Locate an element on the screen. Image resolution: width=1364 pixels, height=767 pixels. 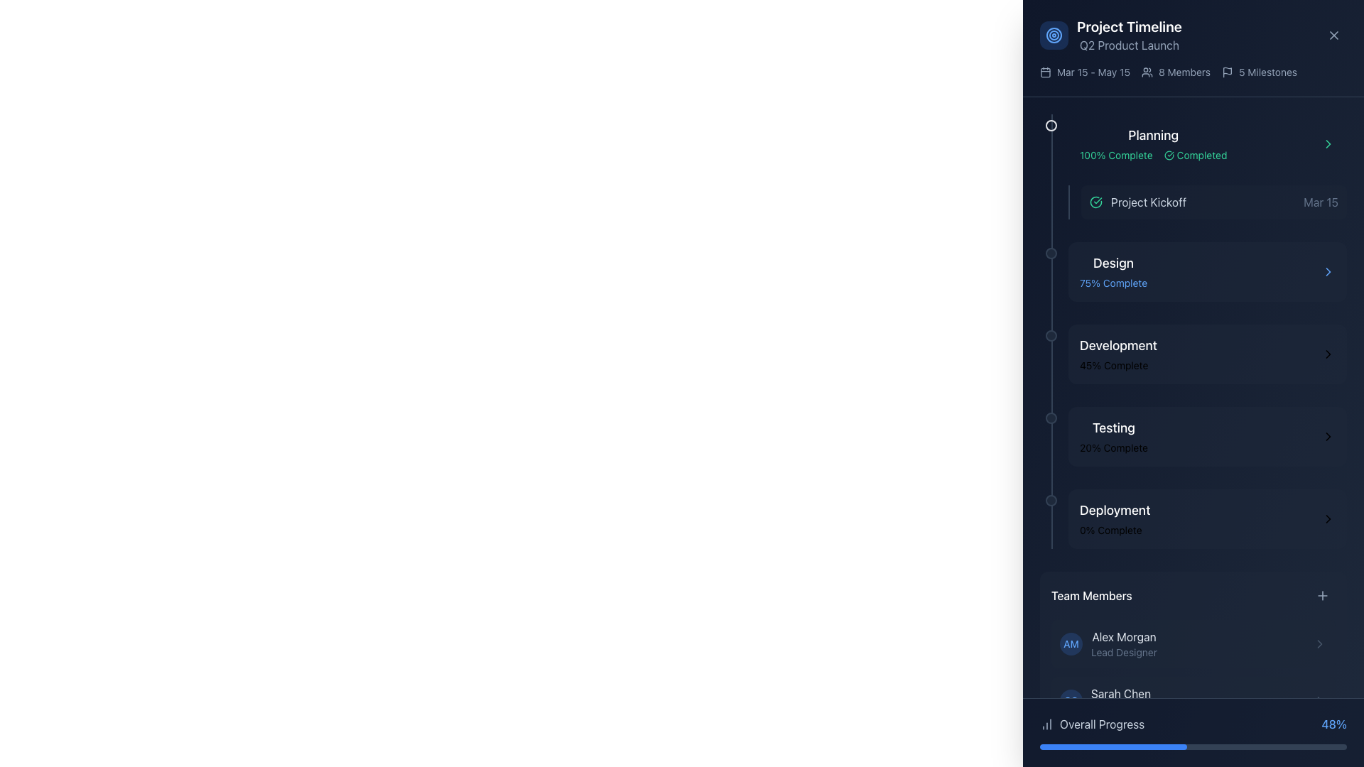
the decorative target icon located at the top left of the interface panel, next to the 'Project Timeline' text is located at coordinates (1054, 35).